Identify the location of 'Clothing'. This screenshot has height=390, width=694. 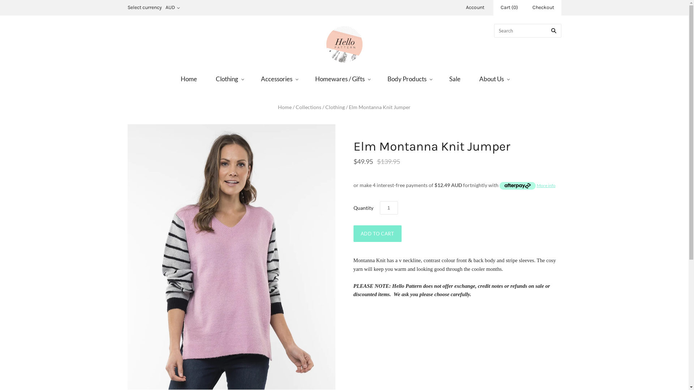
(228, 79).